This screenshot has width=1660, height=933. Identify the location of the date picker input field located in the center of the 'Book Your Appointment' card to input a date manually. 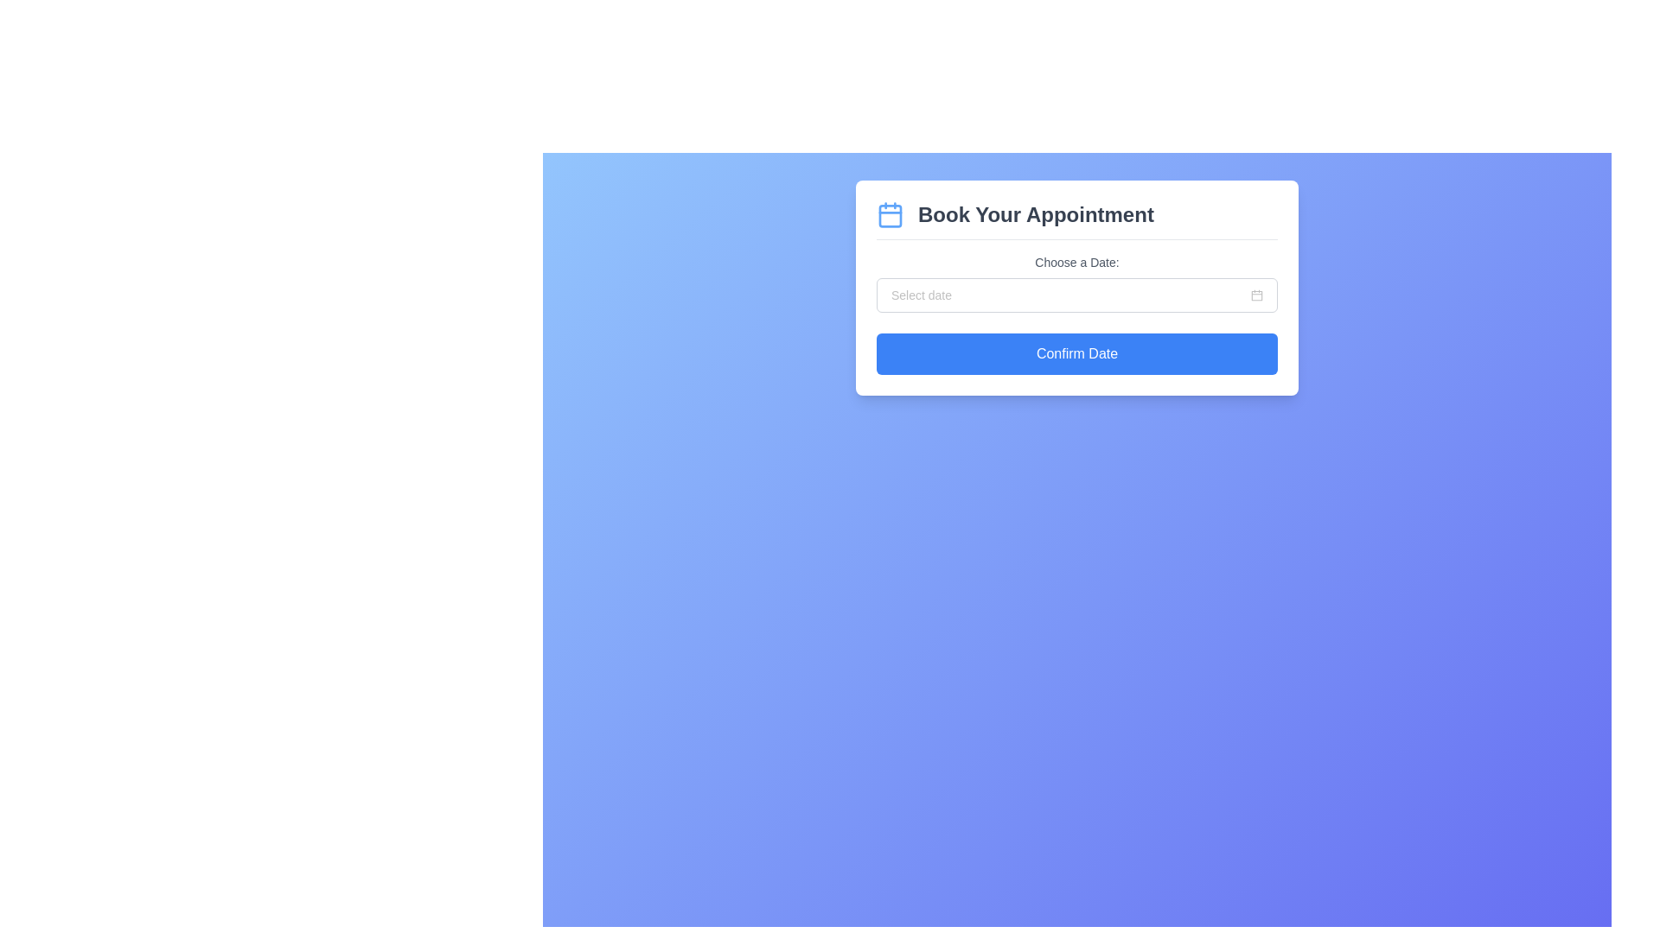
(1076, 295).